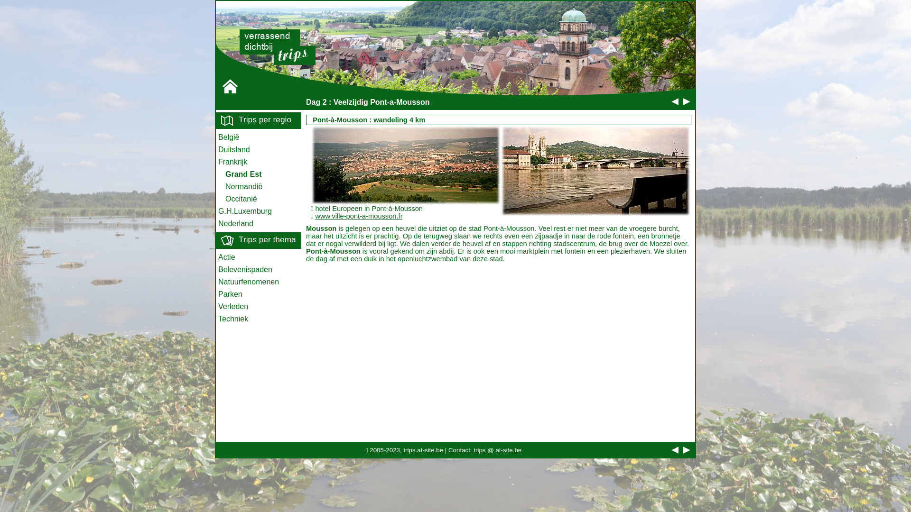 This screenshot has width=911, height=512. What do you see at coordinates (215, 257) in the screenshot?
I see `'Actie'` at bounding box center [215, 257].